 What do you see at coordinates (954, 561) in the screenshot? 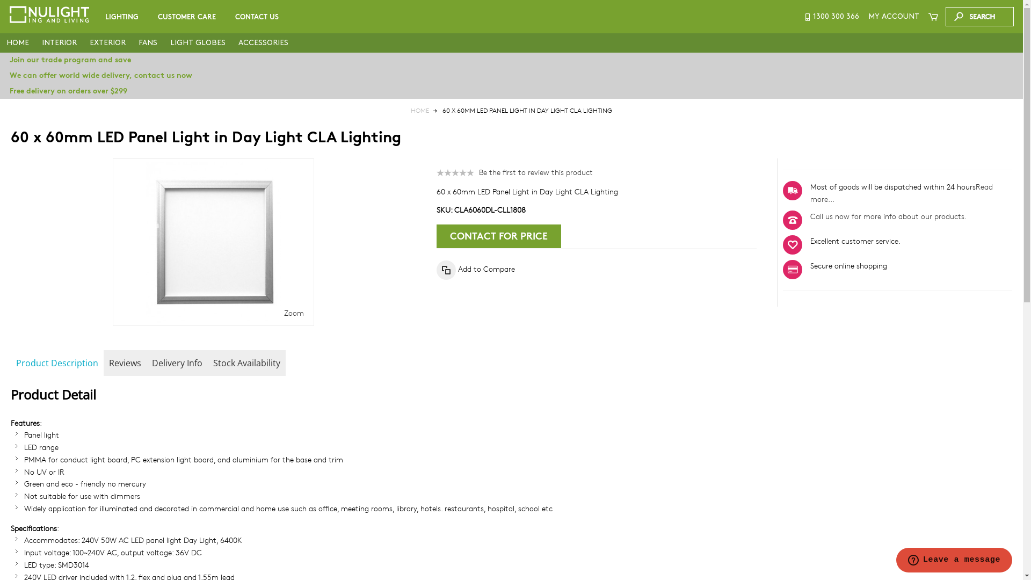
I see `'Opens a widget where you can chat to one of our agents'` at bounding box center [954, 561].